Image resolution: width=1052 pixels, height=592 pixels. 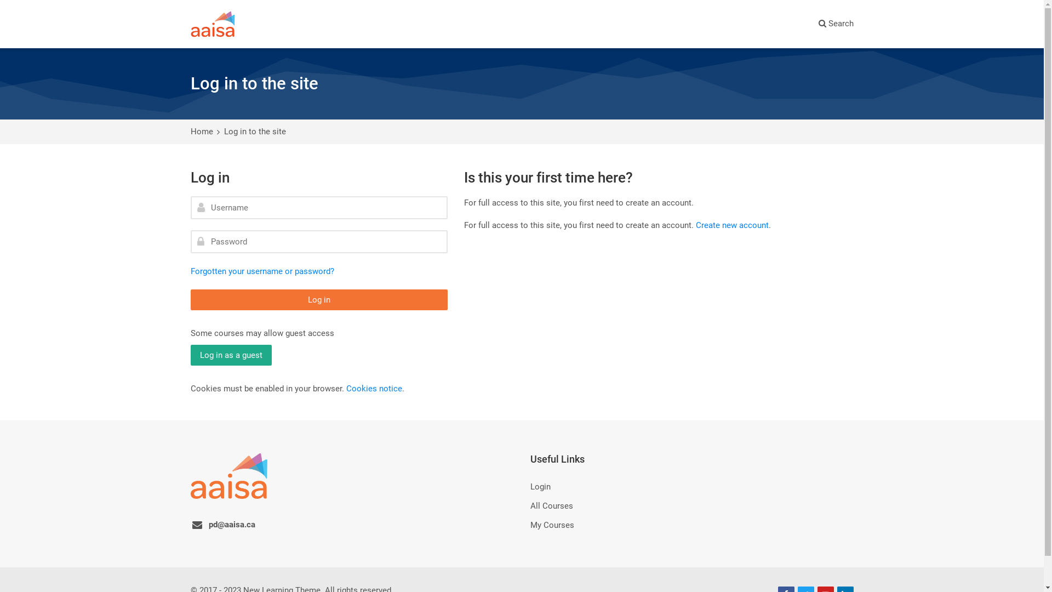 I want to click on 'Search', so click(x=836, y=24).